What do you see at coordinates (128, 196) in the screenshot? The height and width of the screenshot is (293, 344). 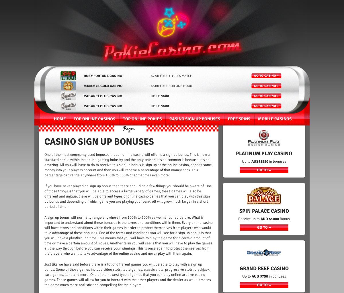 I see `'If you have never played an sign up bonus then there should be a few things you should be aware of. One of those things is that you will be able to access a large variety of games, these games will also be different and unique, there will be different types of online casino games that you can play with this sign up bonus and depending on which game you are playing your bankroll will grow much larger in a short period of time.'` at bounding box center [128, 196].